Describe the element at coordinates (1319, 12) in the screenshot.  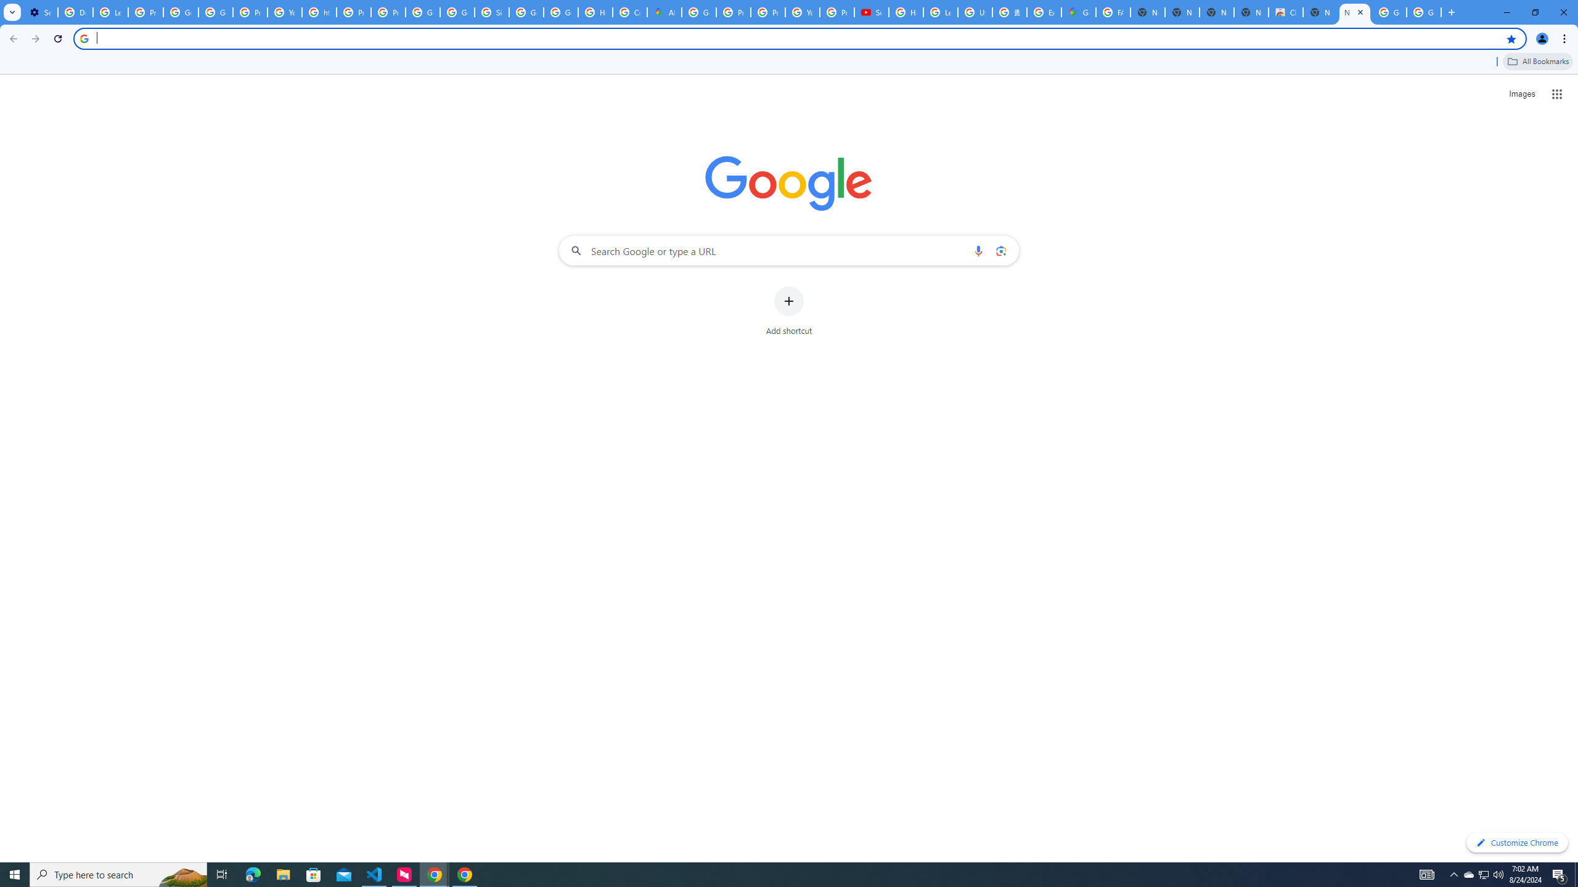
I see `'New Tab'` at that location.